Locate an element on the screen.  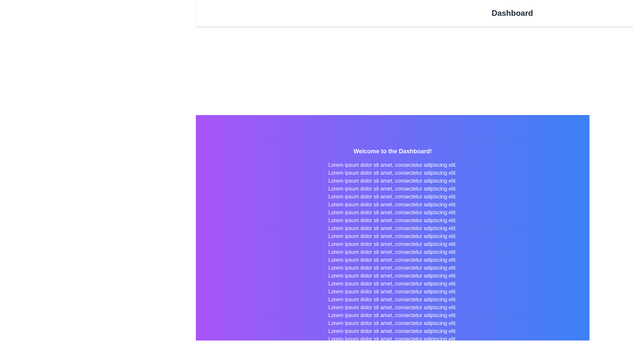
the fourth text block in the vertical list, which serves as static textual content providing placeholder text or a message is located at coordinates (392, 181).